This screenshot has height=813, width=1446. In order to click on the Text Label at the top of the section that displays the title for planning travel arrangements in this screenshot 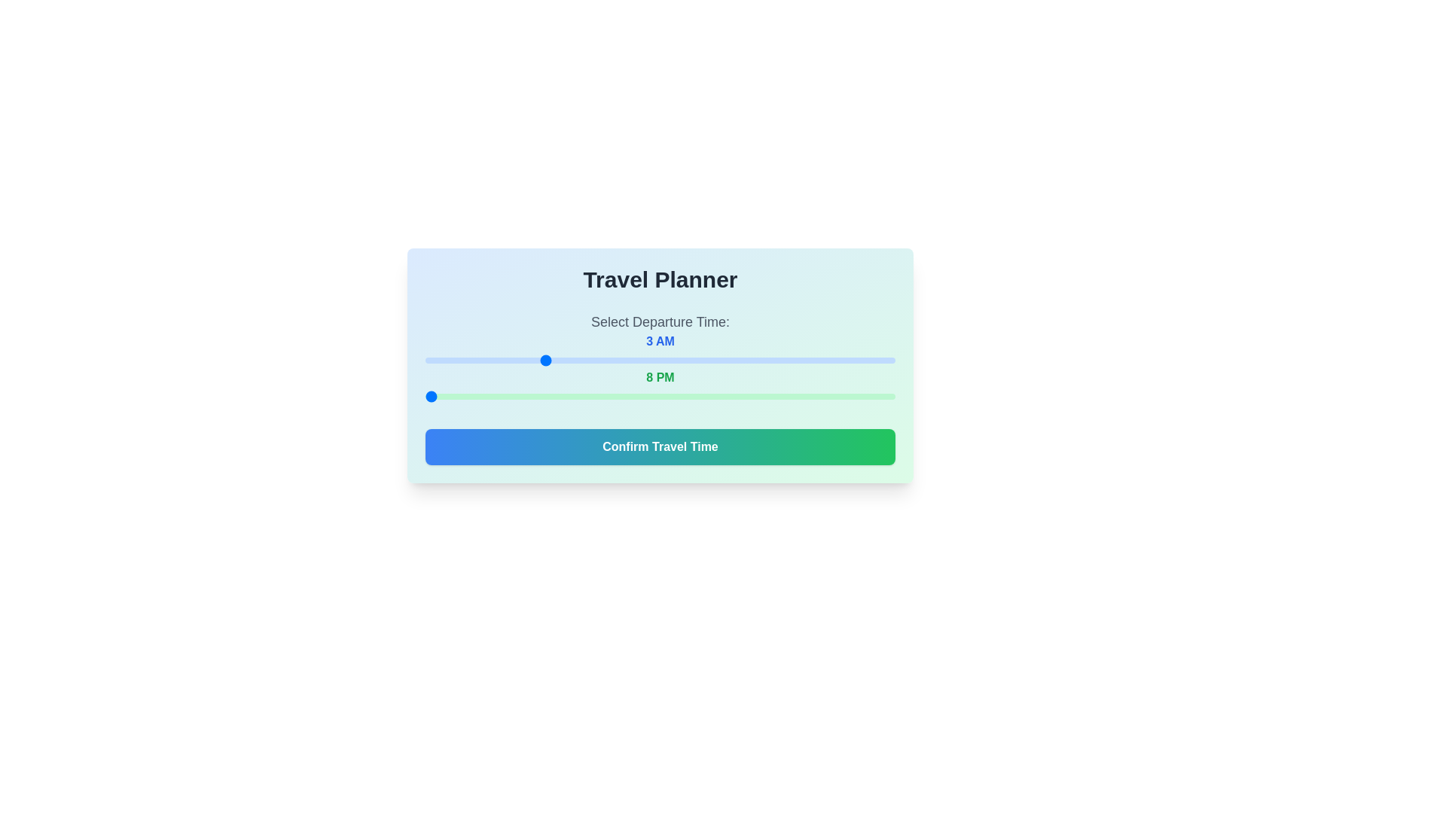, I will do `click(660, 279)`.